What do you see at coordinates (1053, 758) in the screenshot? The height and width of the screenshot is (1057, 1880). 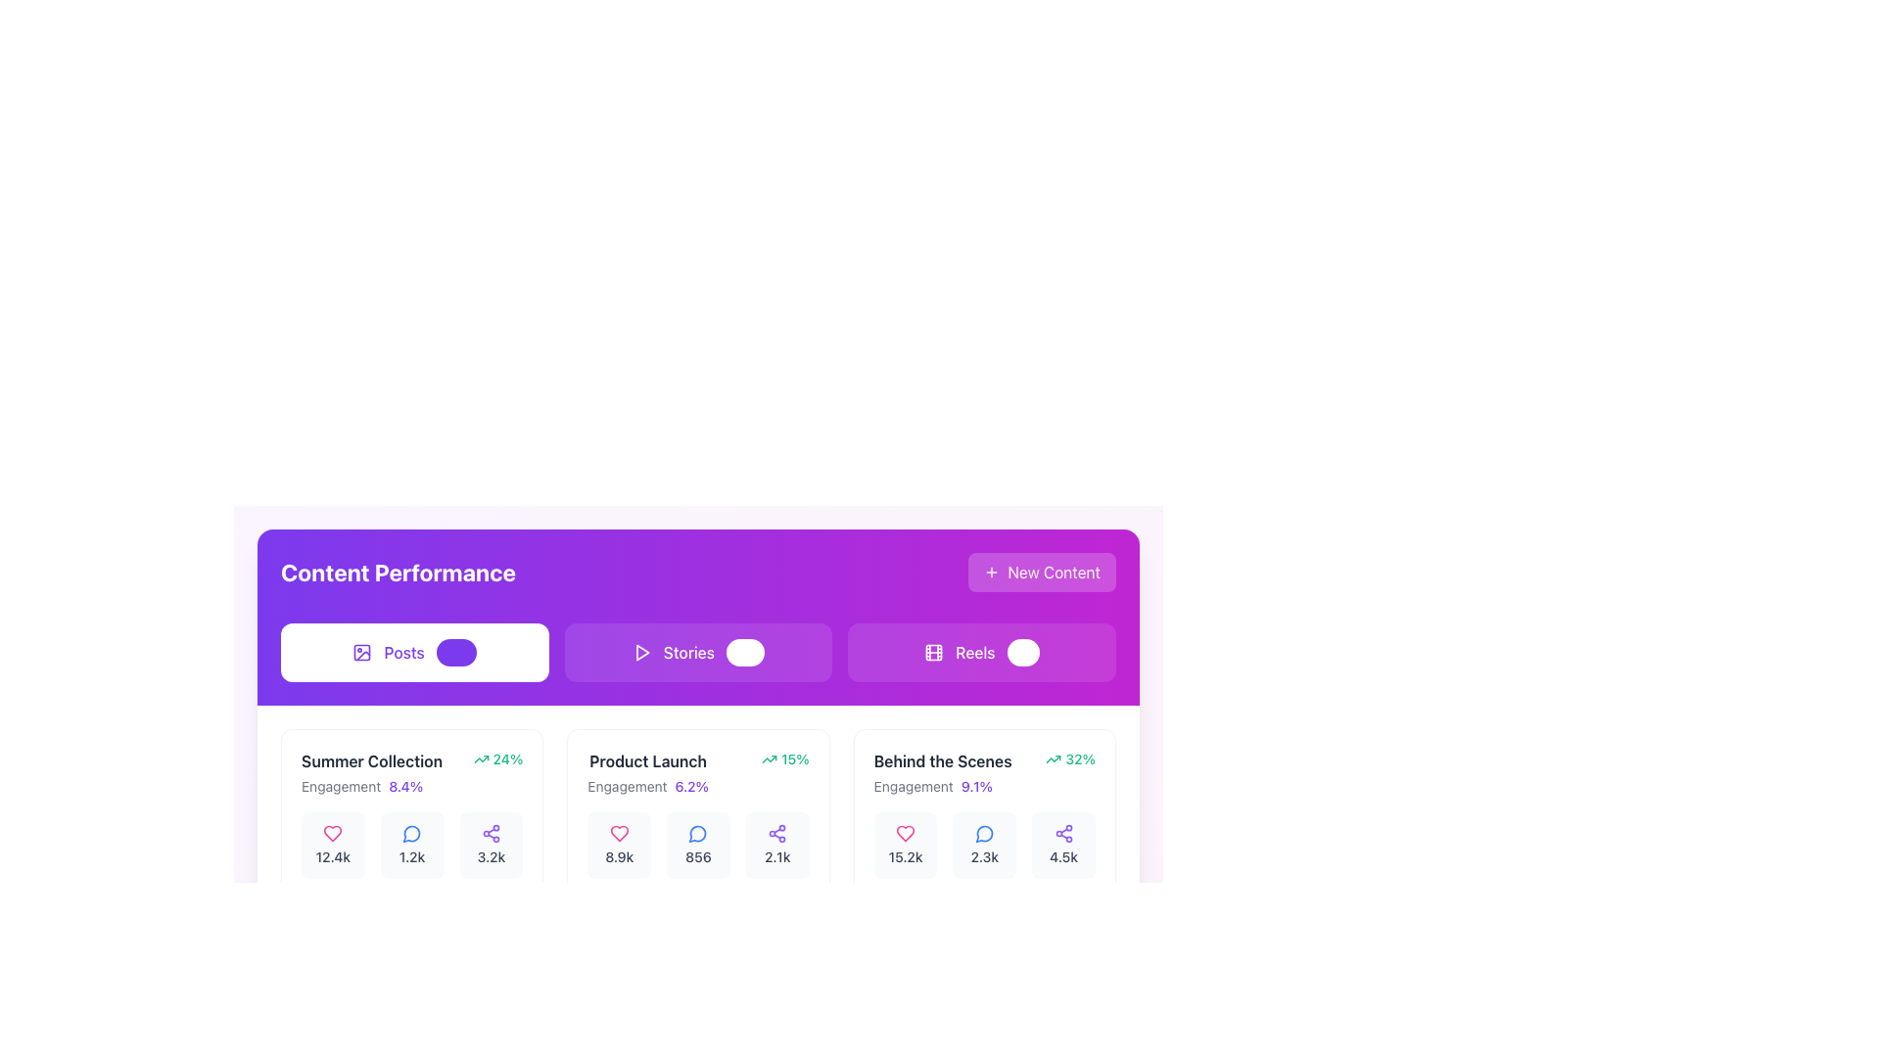 I see `the upward trending icon located` at bounding box center [1053, 758].